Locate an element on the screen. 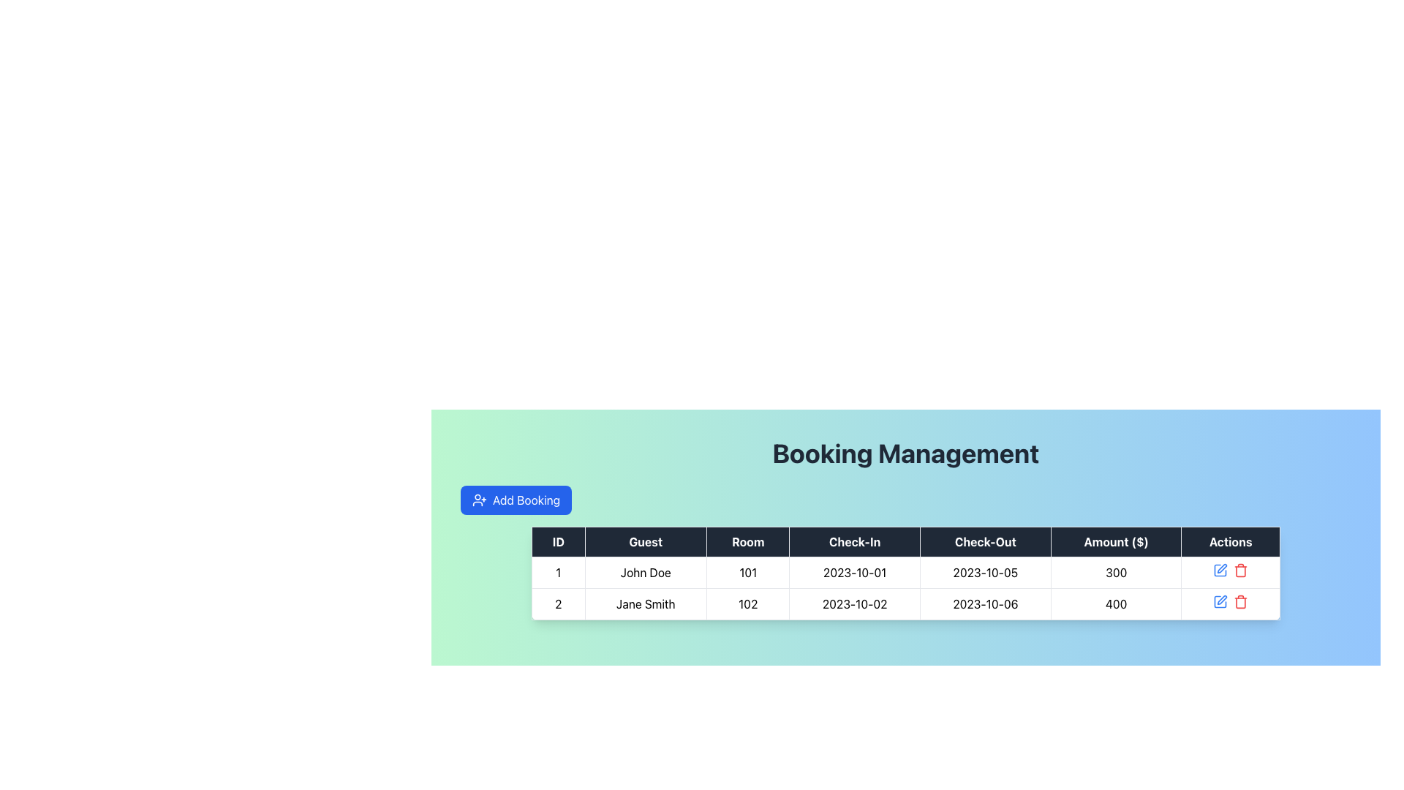 This screenshot has width=1404, height=790. the editing graphic icon located in the actions column of the second row in the table to initiate editing is located at coordinates (1222, 568).